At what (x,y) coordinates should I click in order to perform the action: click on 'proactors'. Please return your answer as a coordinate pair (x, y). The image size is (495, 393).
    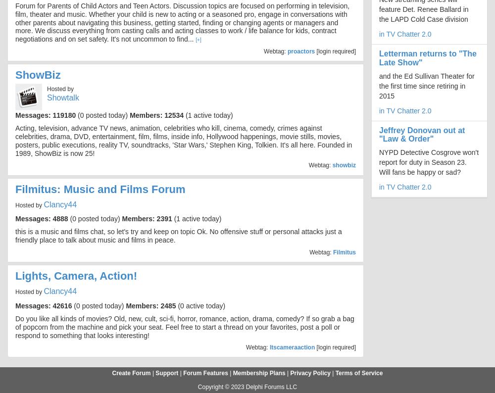
    Looking at the image, I should click on (300, 50).